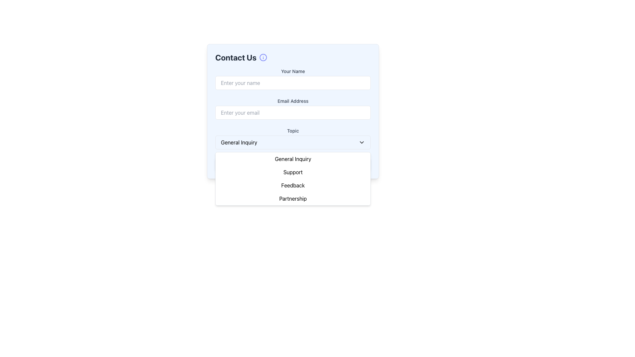 The height and width of the screenshot is (357, 635). What do you see at coordinates (293, 138) in the screenshot?
I see `an option from the 'Topic' dropdown menu, which is currently displaying 'General Inquiry'` at bounding box center [293, 138].